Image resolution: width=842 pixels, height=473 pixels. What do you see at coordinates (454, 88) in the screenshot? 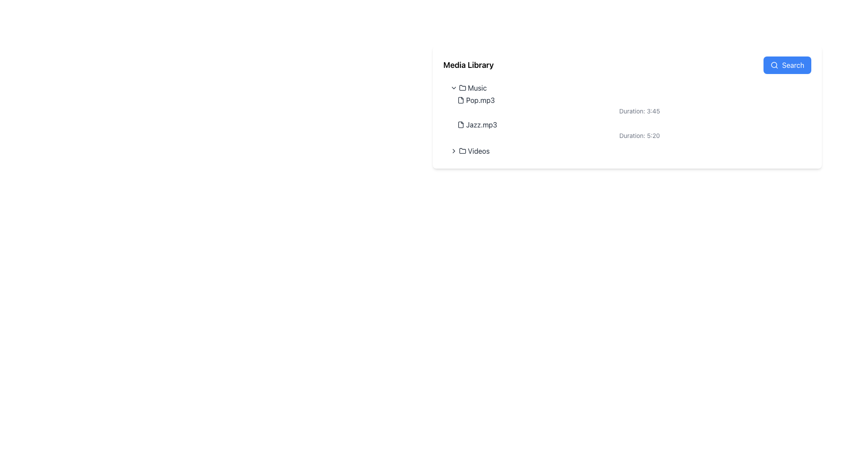
I see `the icon next to the 'Music' label in the 'Media Library' section` at bounding box center [454, 88].